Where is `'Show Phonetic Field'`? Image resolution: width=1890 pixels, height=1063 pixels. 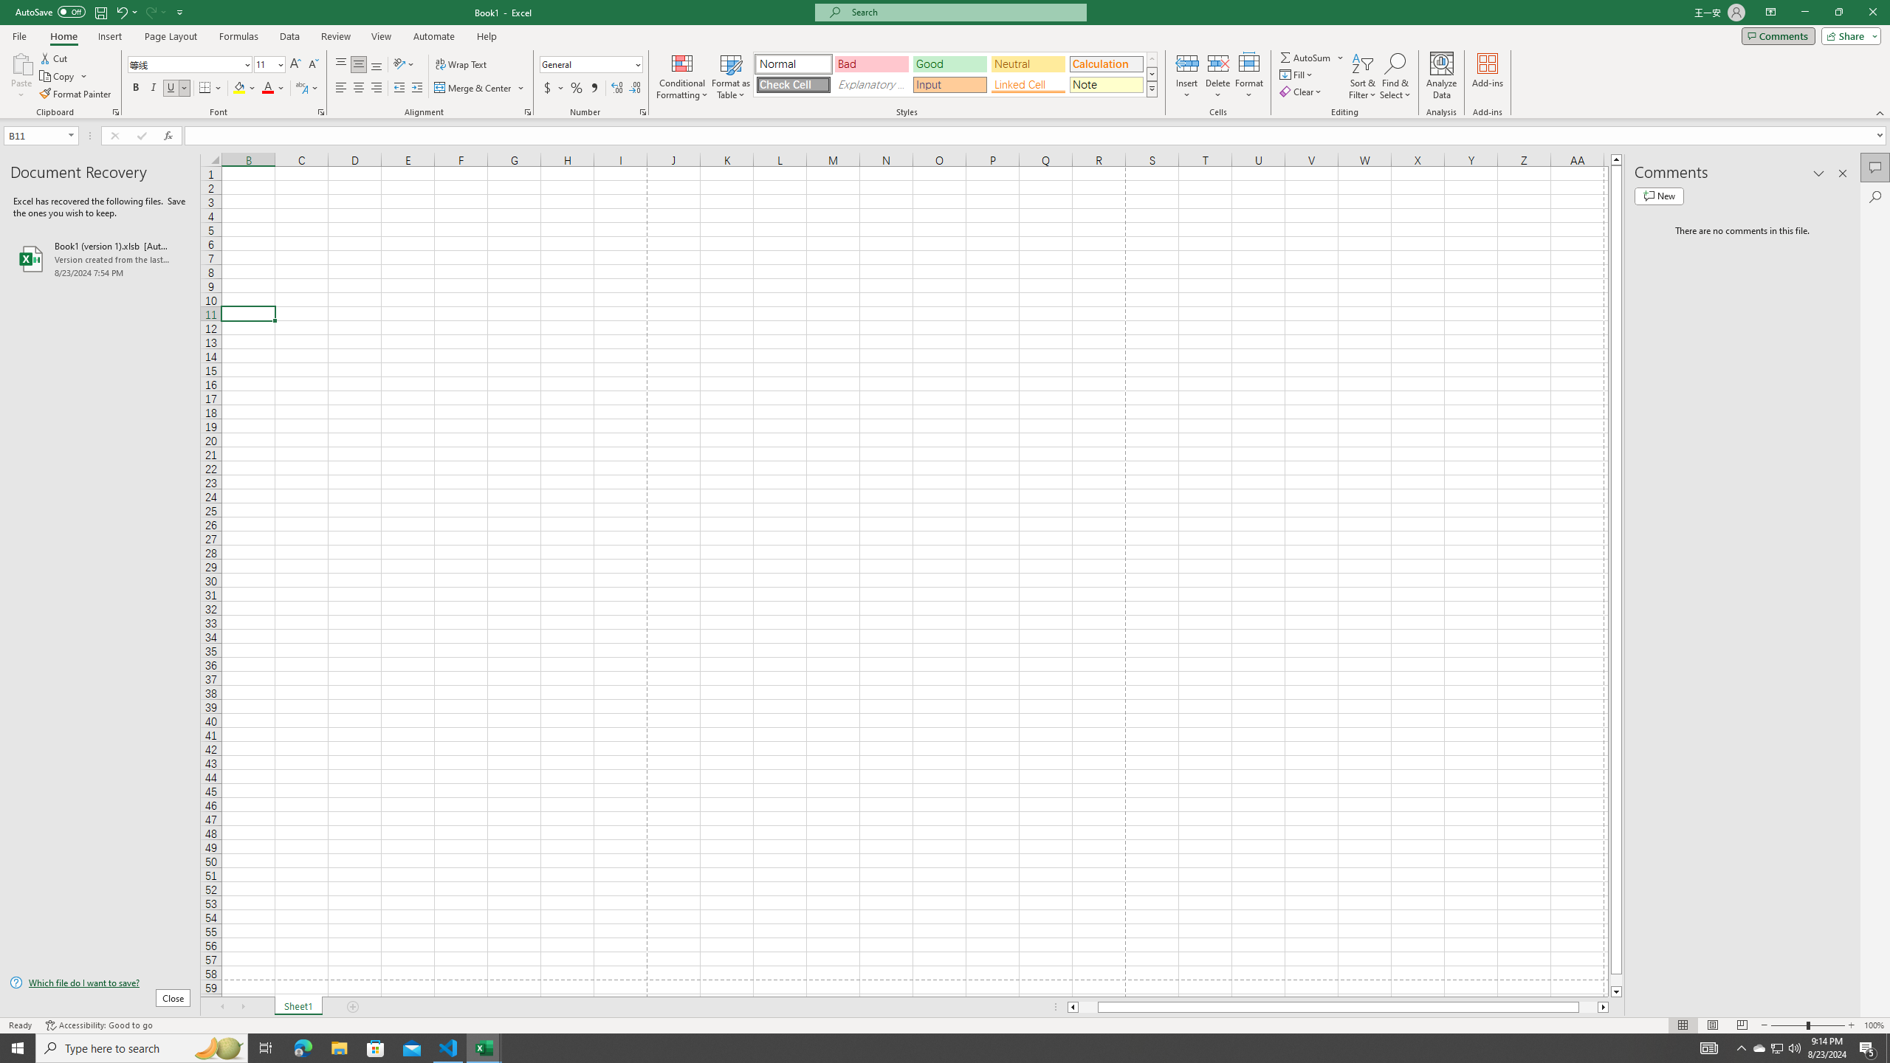 'Show Phonetic Field' is located at coordinates (300, 87).